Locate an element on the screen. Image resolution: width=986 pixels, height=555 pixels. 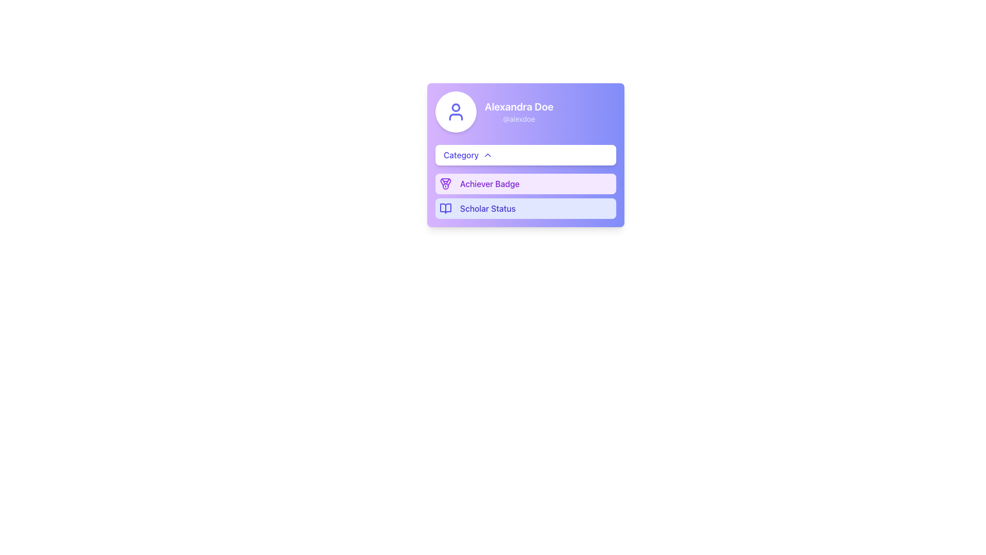
the circular component representing a user avatar located at the top-left of the card layout, adjacent to the textual header displaying user details is located at coordinates (456, 107).